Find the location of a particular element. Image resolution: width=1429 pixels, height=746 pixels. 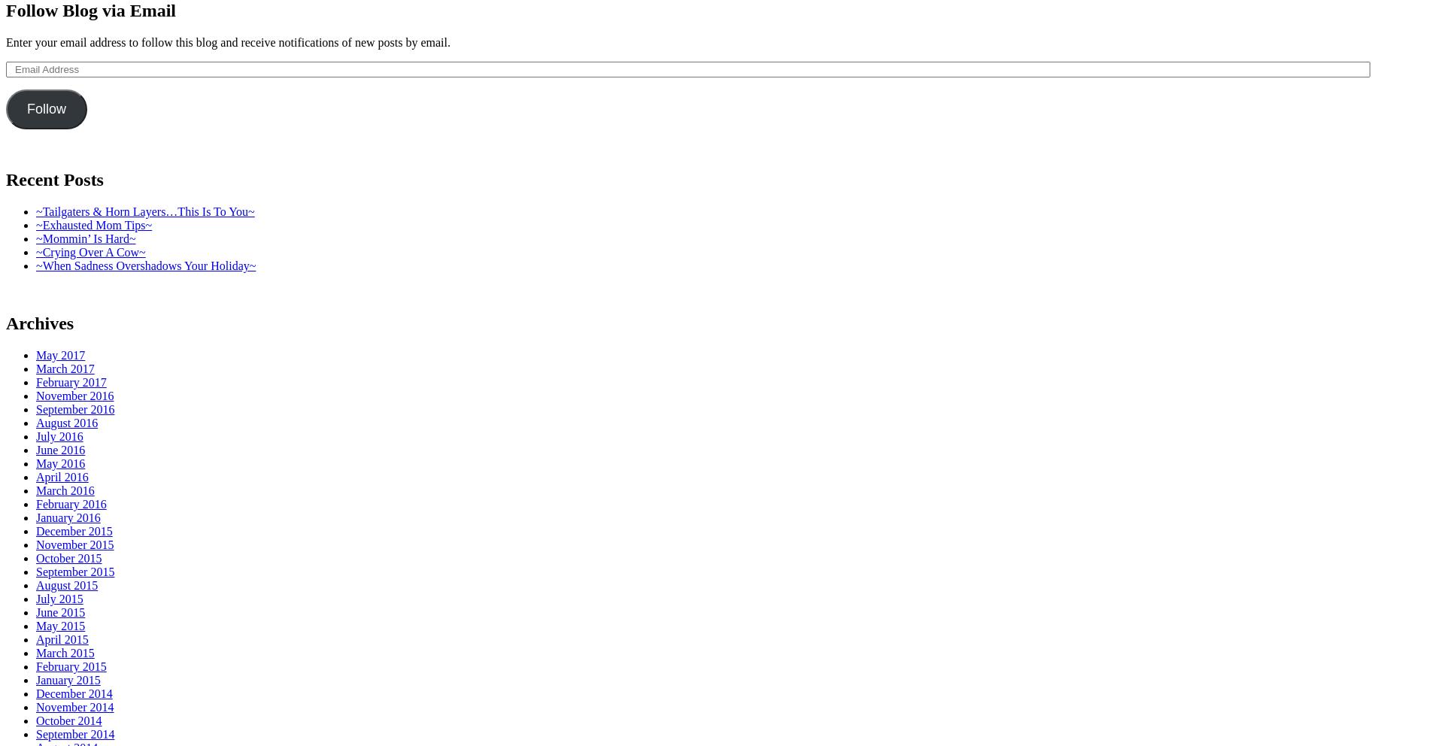

'Follow' is located at coordinates (46, 109).